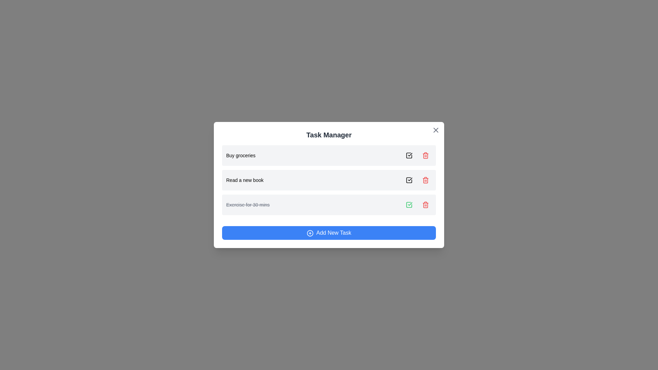  I want to click on the Checkbox icon located on the right side of the first task row labeled 'Buy groceries', so click(409, 156).